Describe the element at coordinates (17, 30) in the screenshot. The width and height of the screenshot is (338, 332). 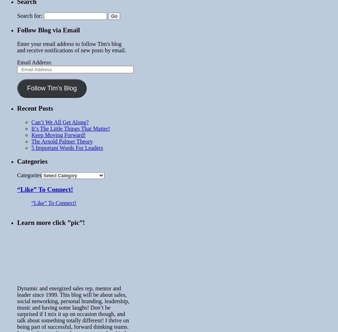
I see `'Follow Blog via Email'` at that location.